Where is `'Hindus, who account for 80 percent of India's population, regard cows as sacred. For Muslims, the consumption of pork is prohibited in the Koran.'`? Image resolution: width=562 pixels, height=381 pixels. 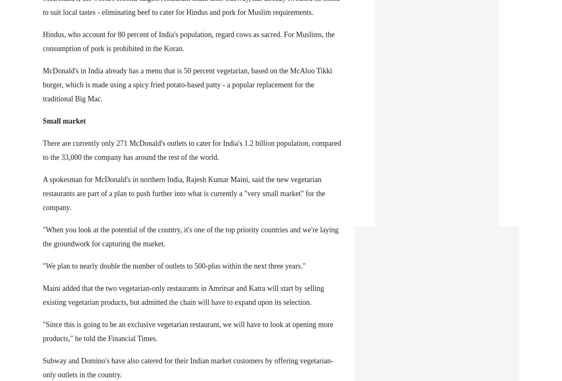
'Hindus, who account for 80 percent of India's population, regard cows as sacred. For Muslims, the consumption of pork is prohibited in the Koran.' is located at coordinates (188, 40).